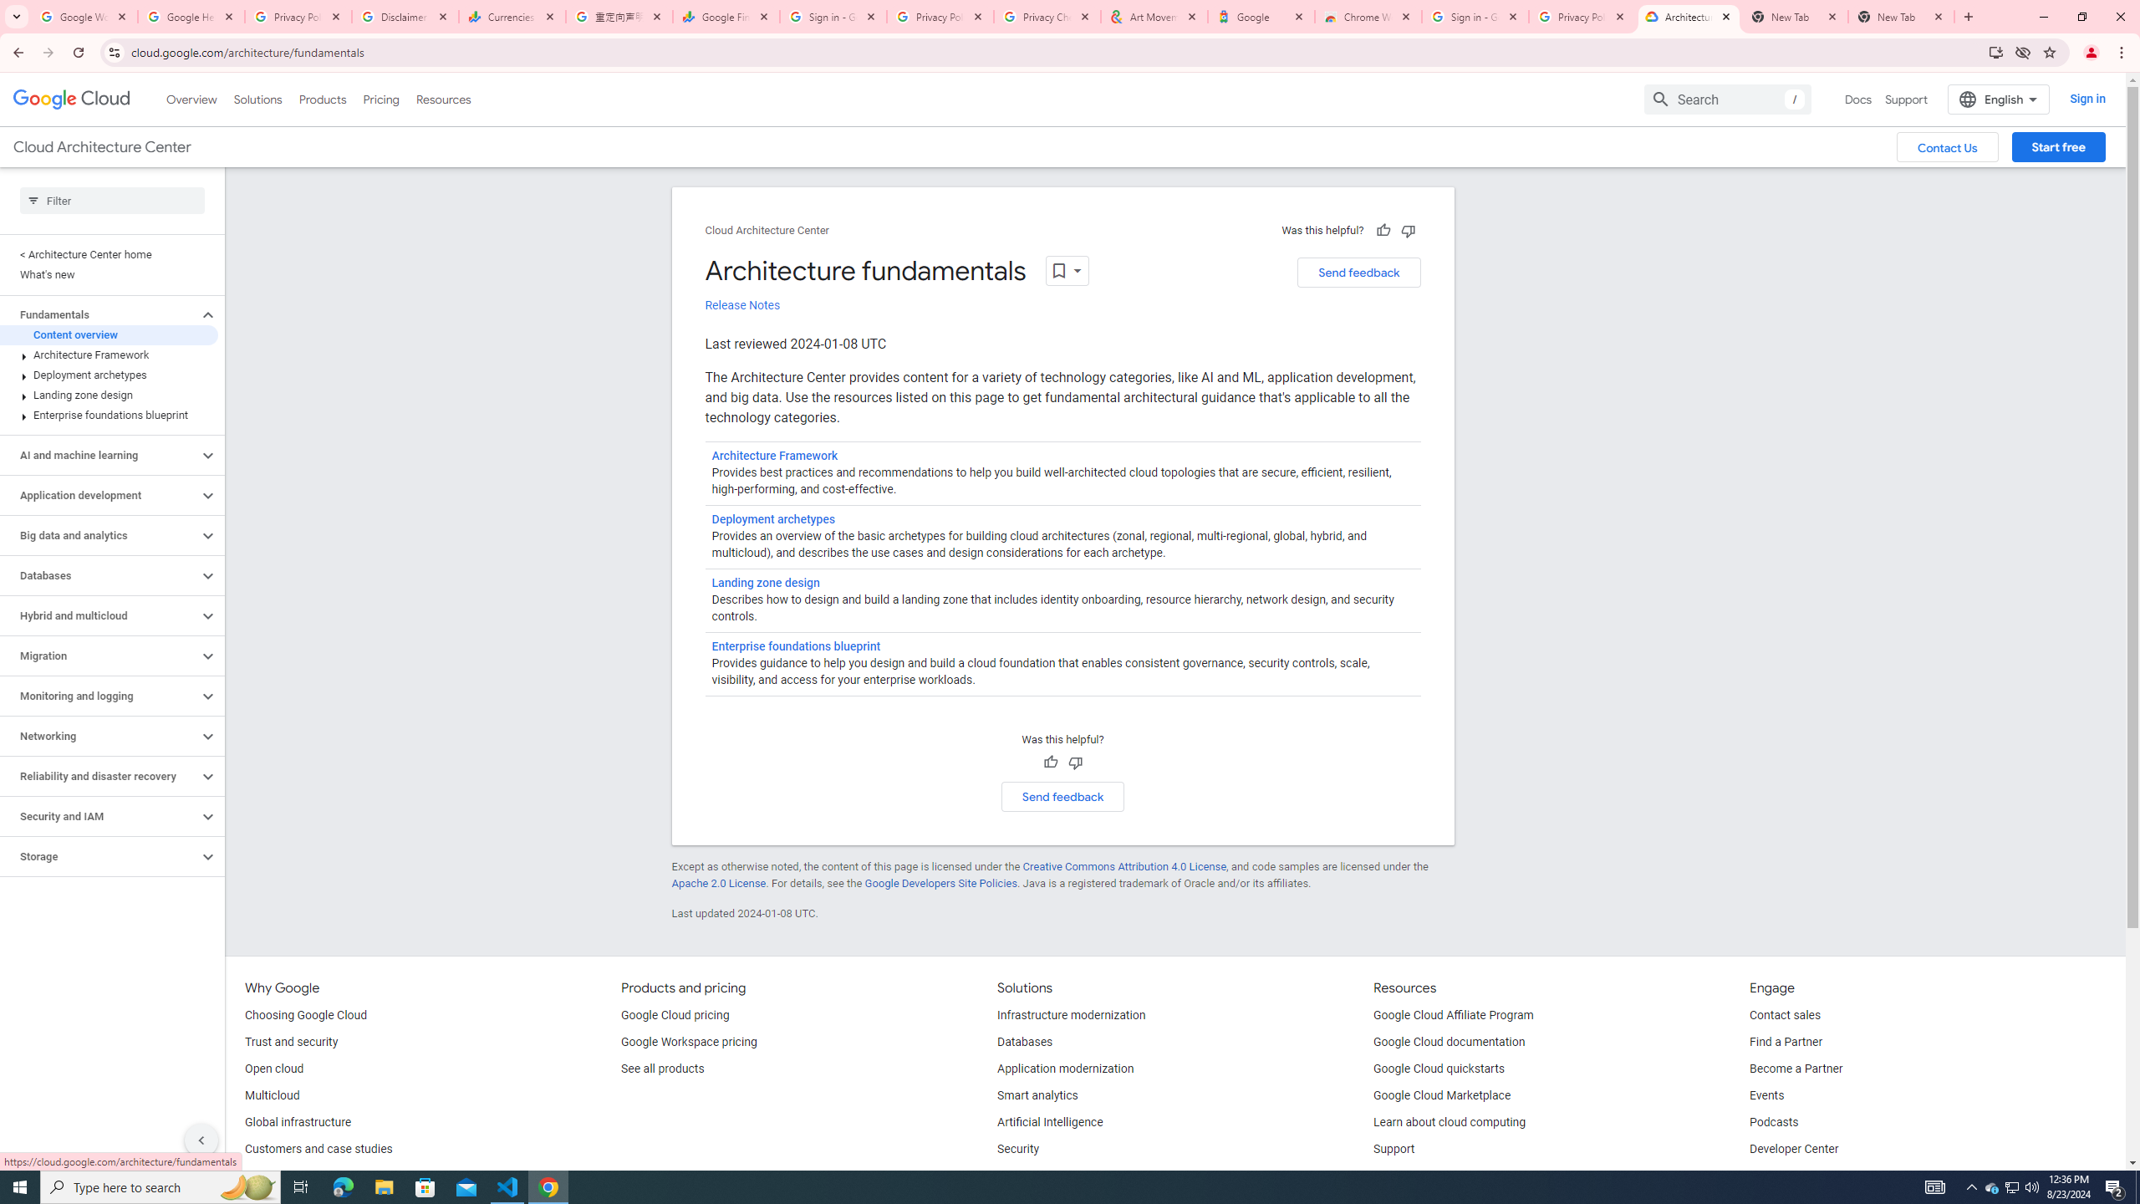 The image size is (2140, 1204). I want to click on 'What', so click(109, 275).